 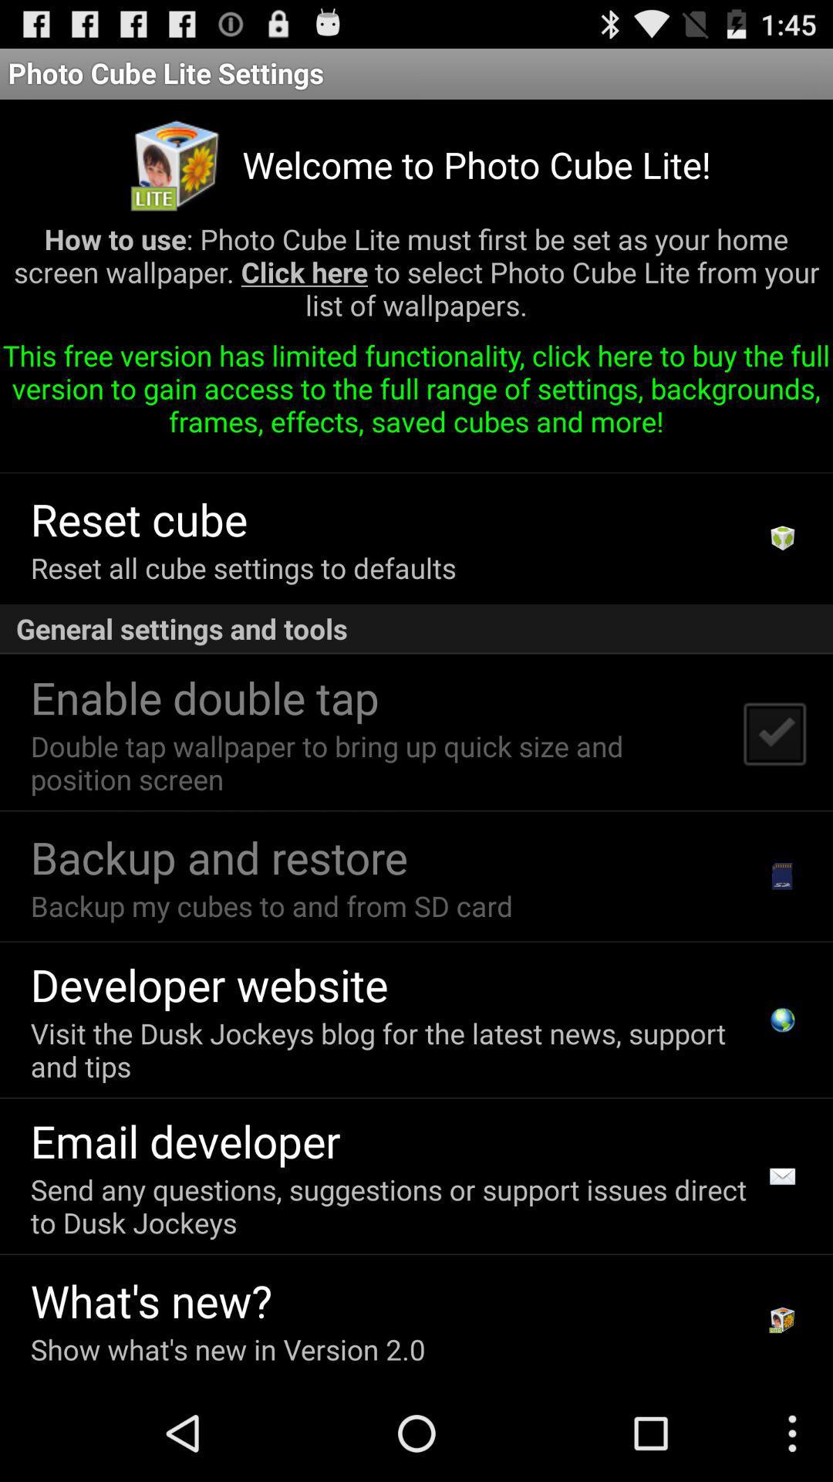 What do you see at coordinates (416, 278) in the screenshot?
I see `the how to use` at bounding box center [416, 278].